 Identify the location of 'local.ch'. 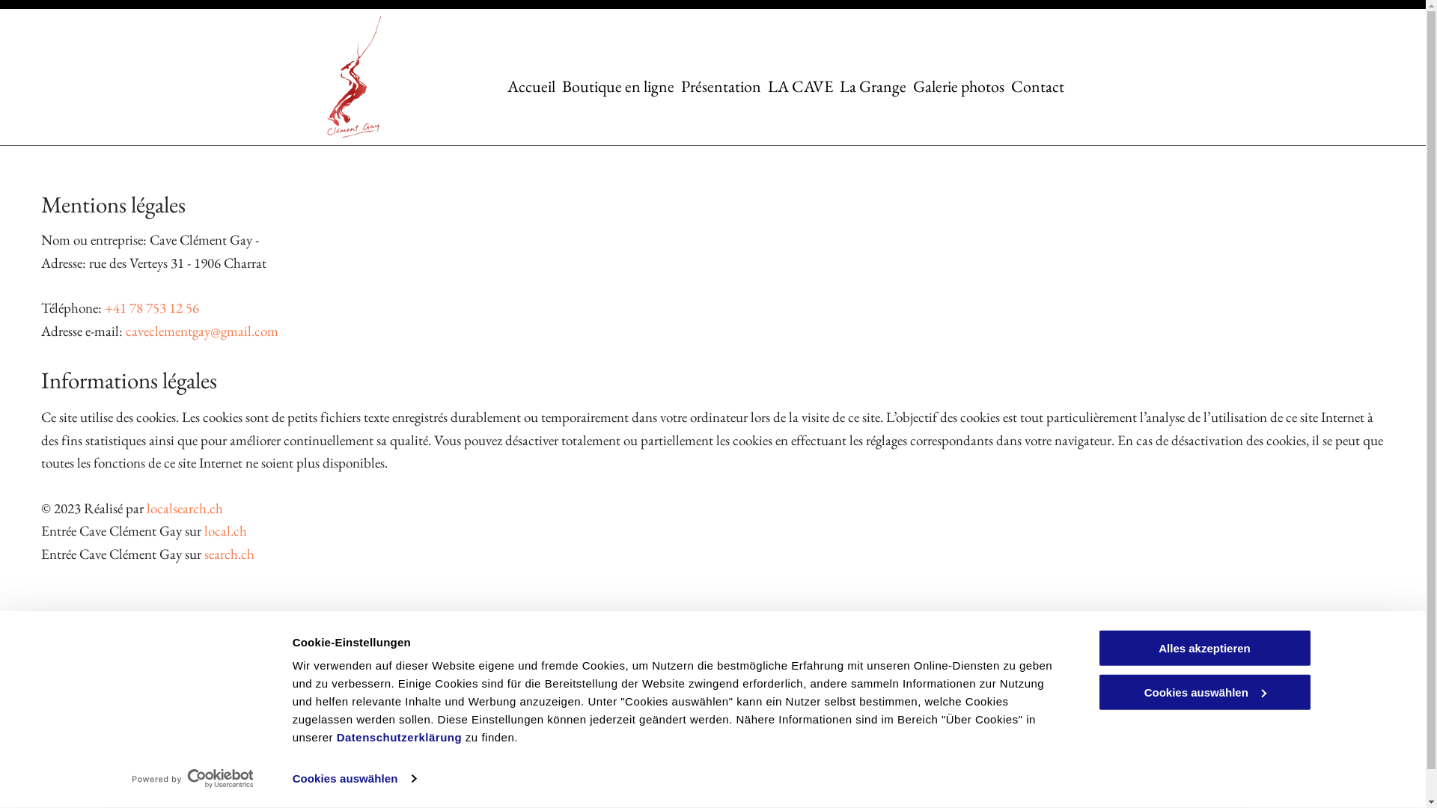
(225, 530).